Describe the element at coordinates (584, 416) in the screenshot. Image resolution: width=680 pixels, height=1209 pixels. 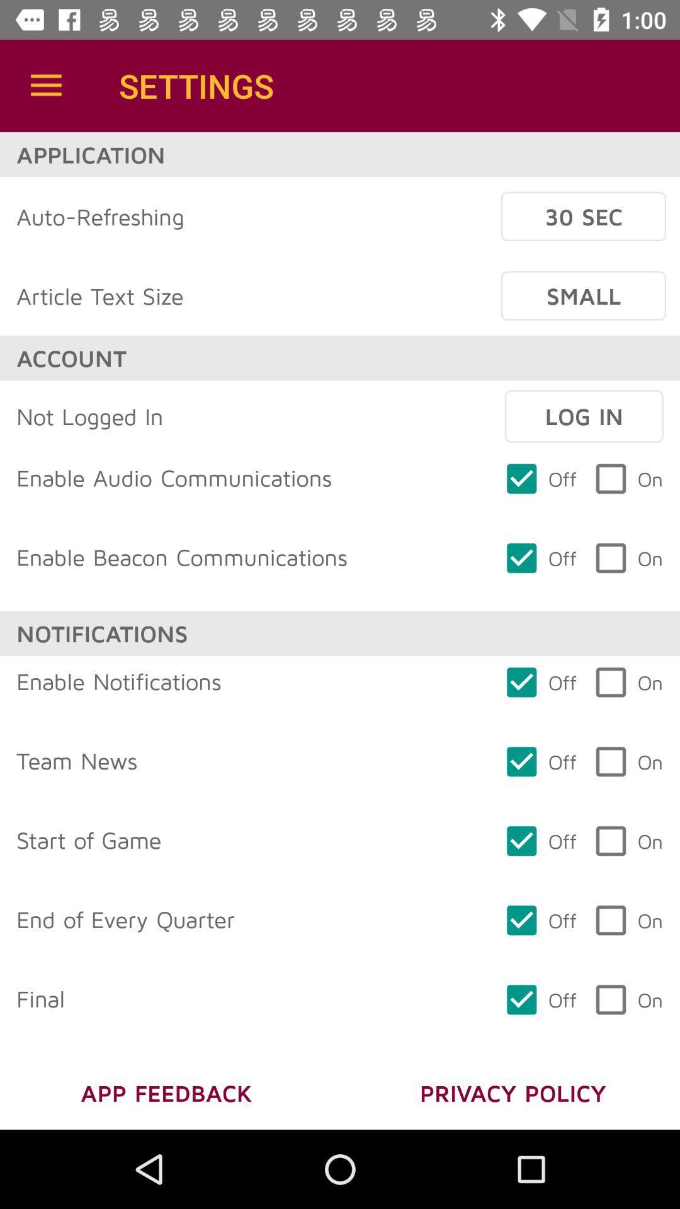
I see `icon next to not logged in` at that location.